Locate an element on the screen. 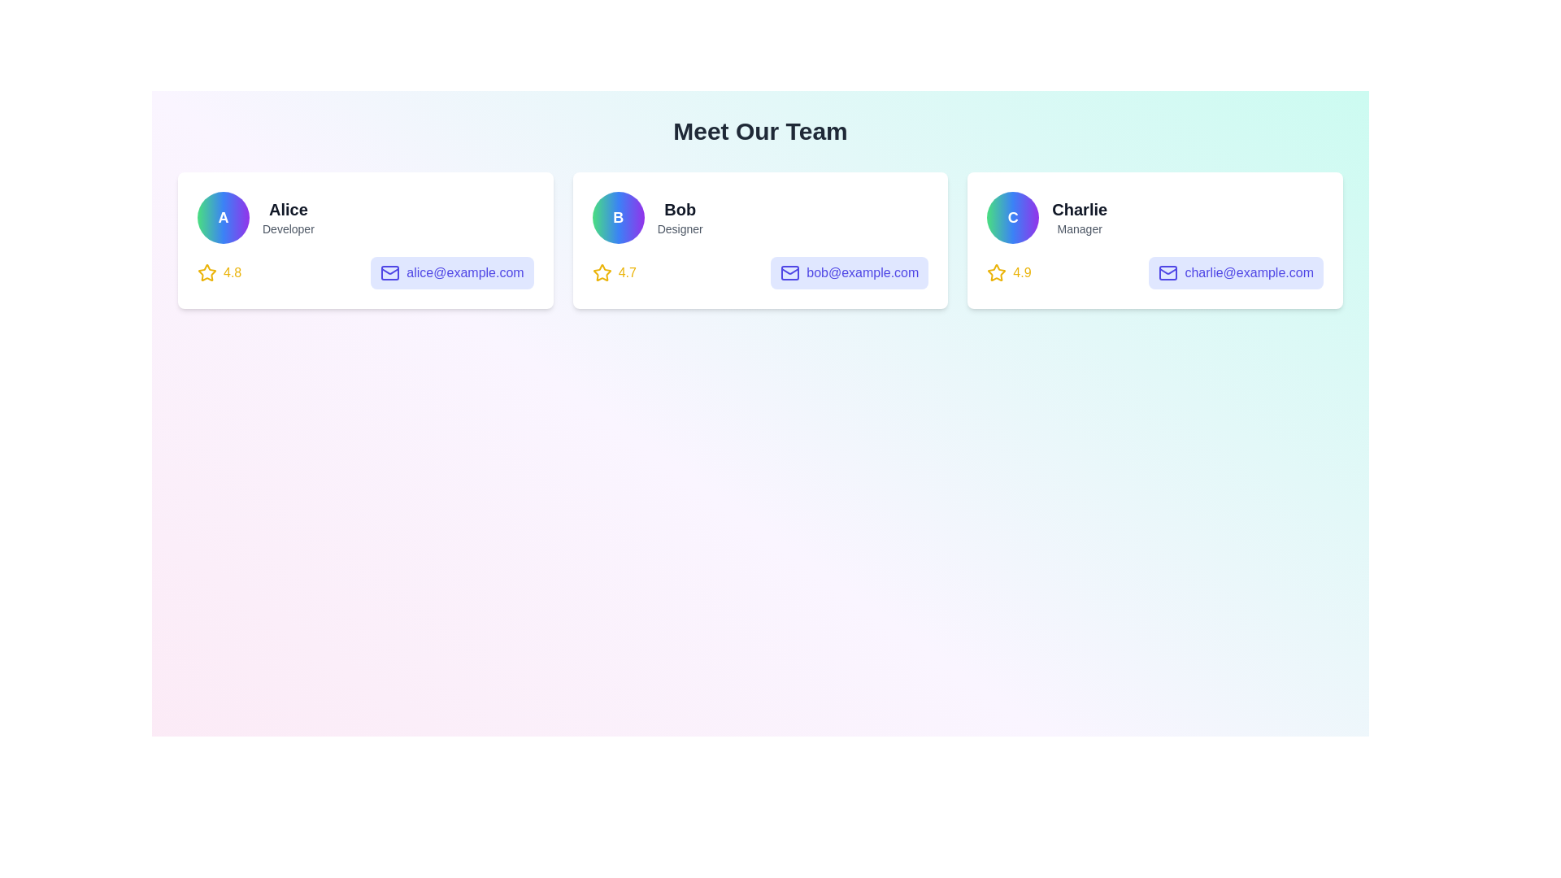  the email text link 'charlie@example.com' located in the 'Contact Information' section of Charlie's card in the 'Meet Our Team' layout is located at coordinates (1248, 272).